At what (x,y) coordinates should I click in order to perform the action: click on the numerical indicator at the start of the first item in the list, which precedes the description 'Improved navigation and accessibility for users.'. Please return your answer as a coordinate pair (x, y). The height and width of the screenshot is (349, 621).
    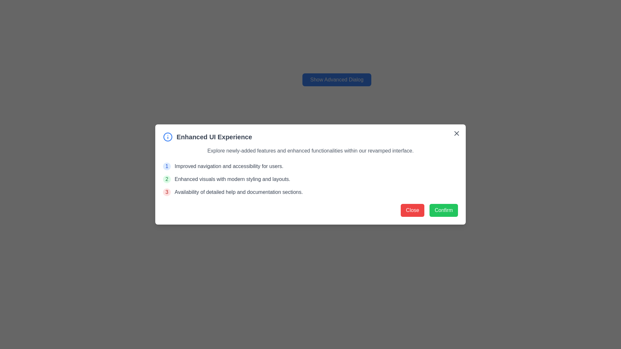
    Looking at the image, I should click on (167, 166).